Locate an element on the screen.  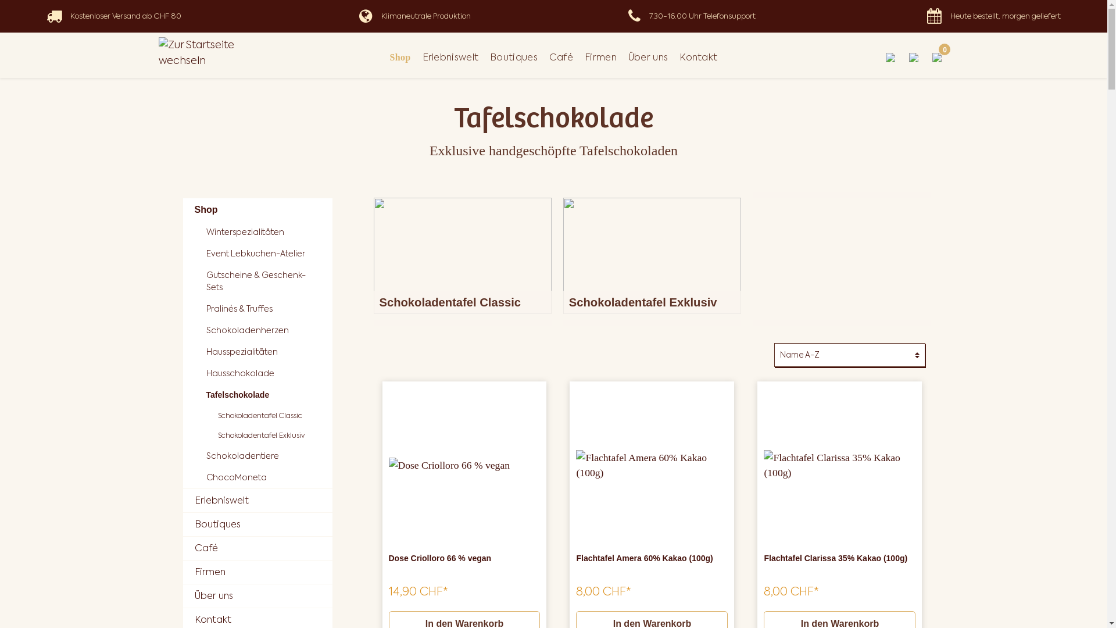
'Event Lebkuchen-Atelier' is located at coordinates (262, 253).